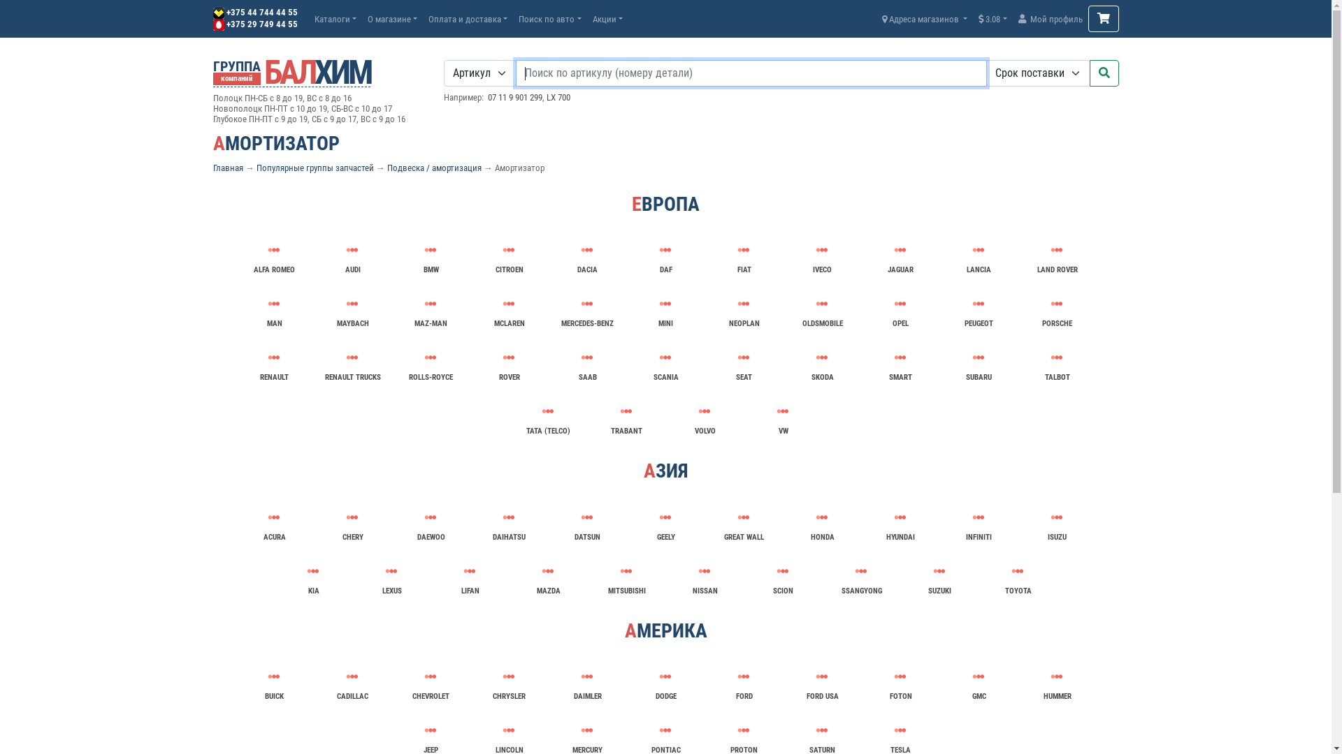  Describe the element at coordinates (587, 681) in the screenshot. I see `'DAIMLER'` at that location.